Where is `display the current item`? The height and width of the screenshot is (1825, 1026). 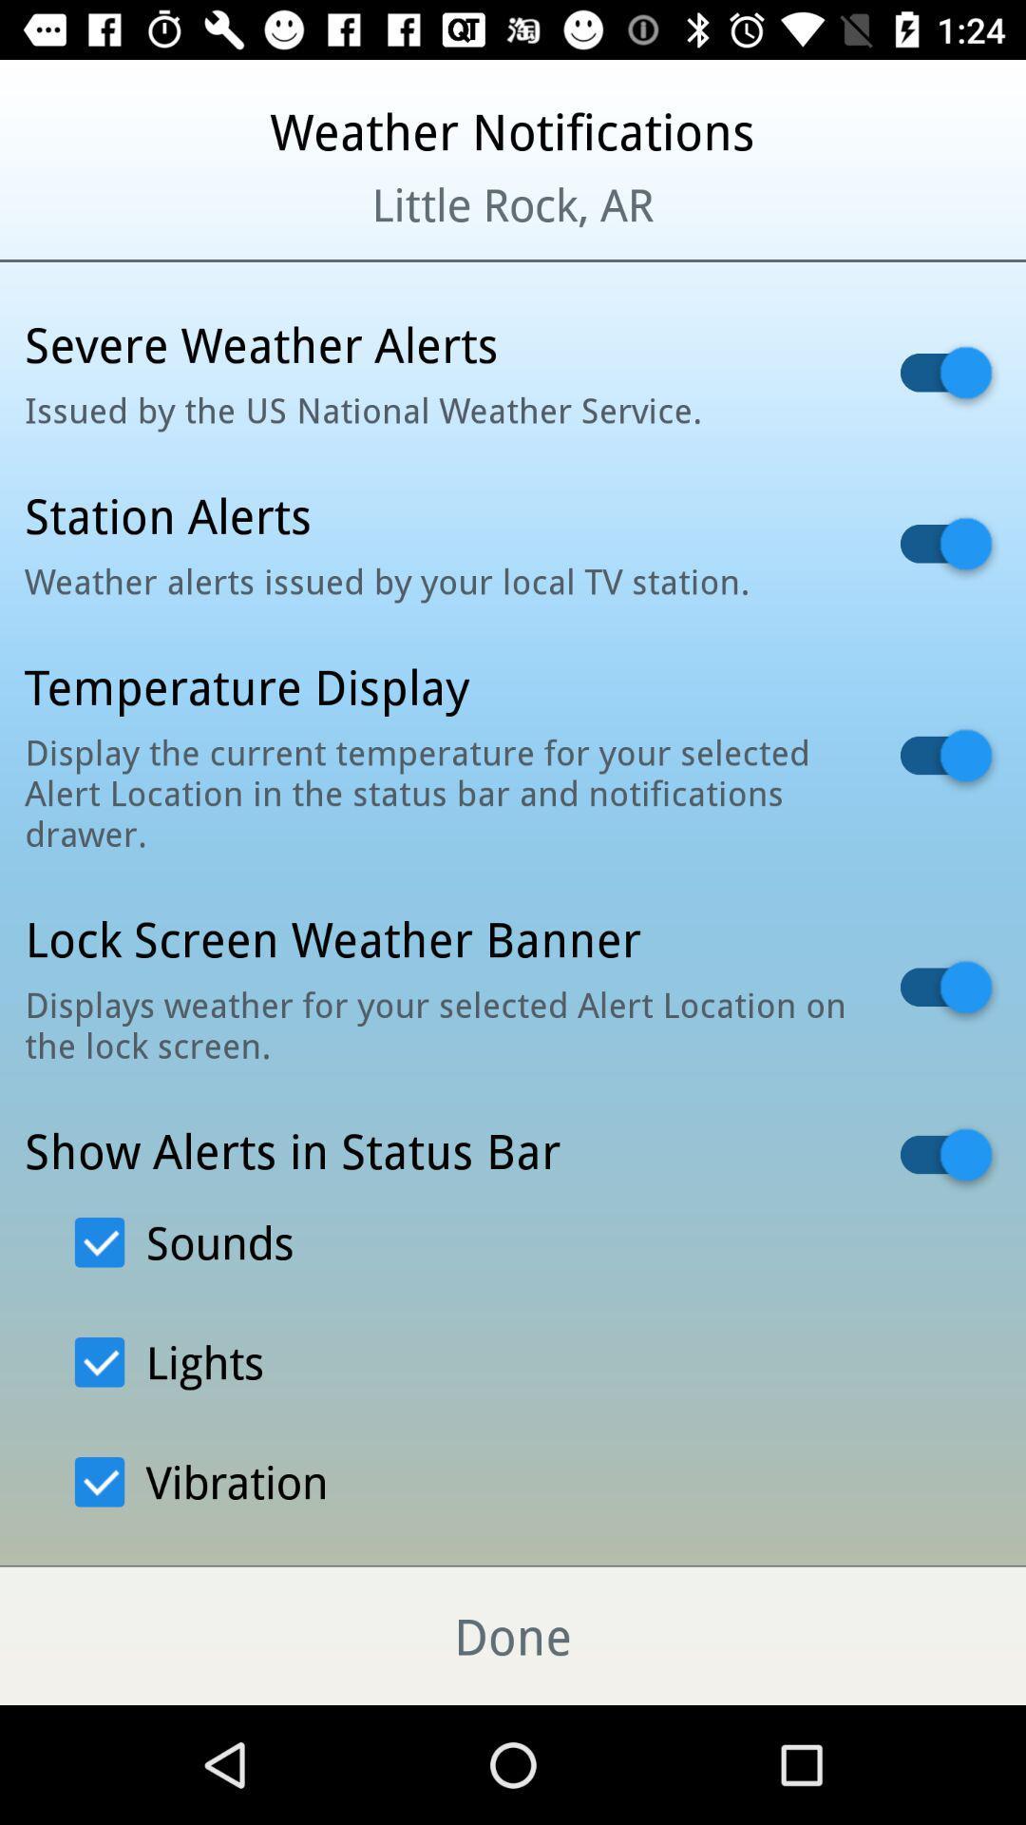
display the current item is located at coordinates (438, 793).